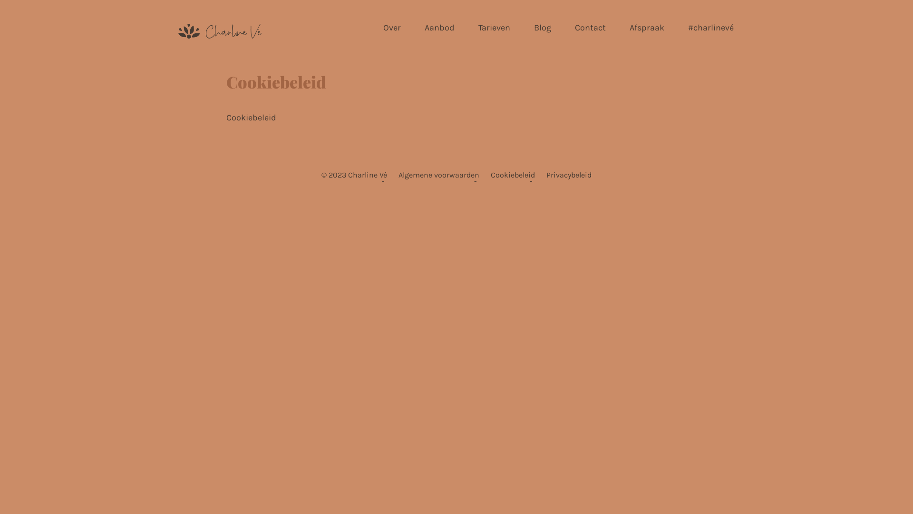 The height and width of the screenshot is (514, 913). I want to click on 'Privacybeleid', so click(569, 175).